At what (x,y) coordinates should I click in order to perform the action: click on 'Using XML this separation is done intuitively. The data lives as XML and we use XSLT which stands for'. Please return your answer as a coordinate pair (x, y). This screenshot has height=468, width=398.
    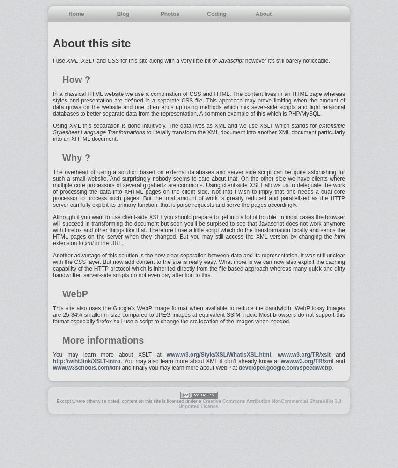
    Looking at the image, I should click on (185, 126).